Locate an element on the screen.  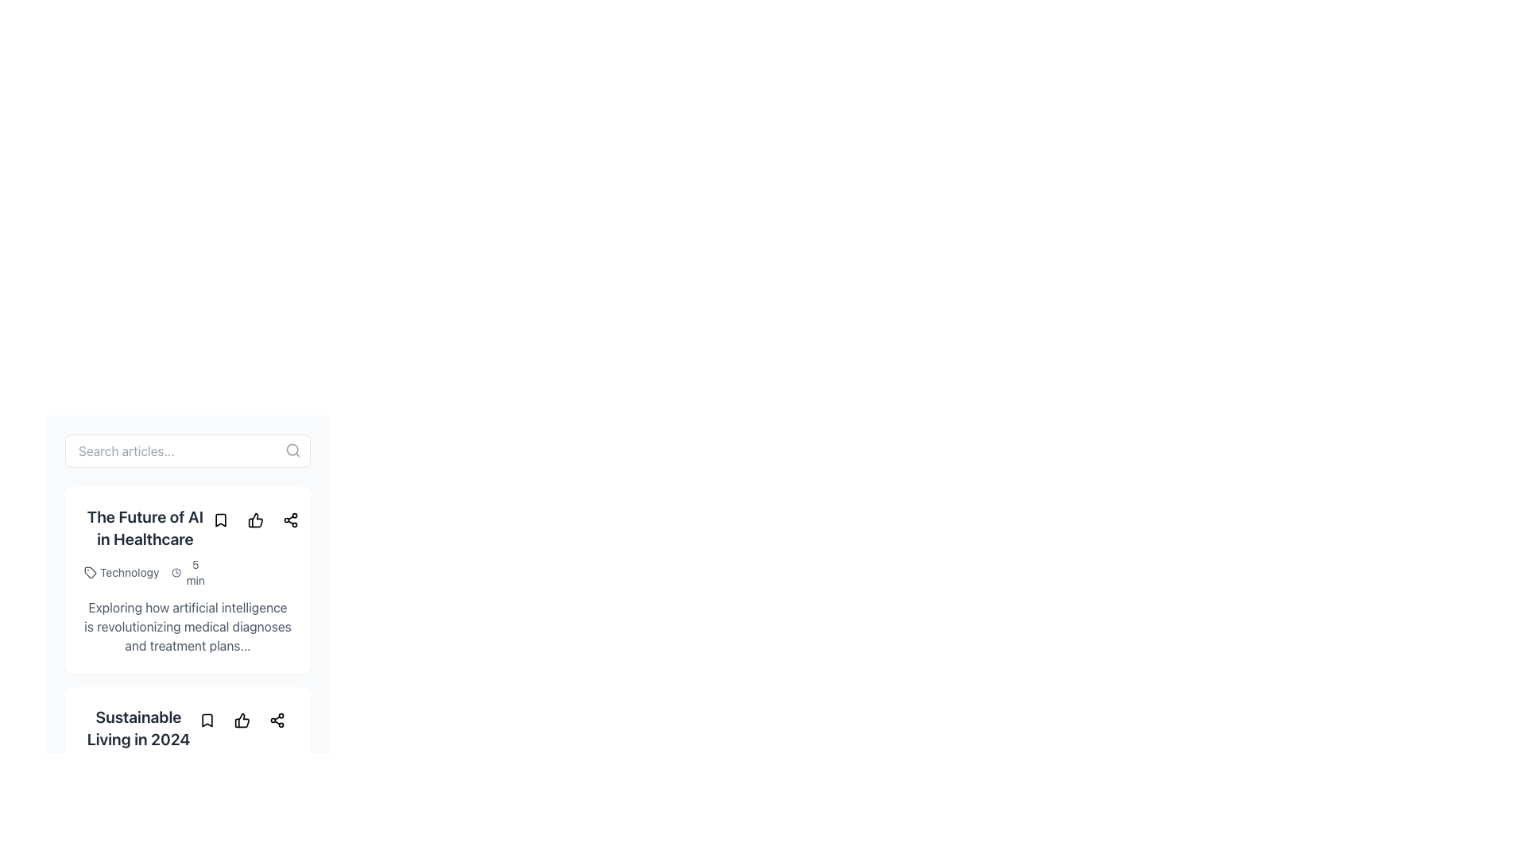
the thumbs-up icon with a black outline located within the circular button on the rightmost section of the content card to like the content titled 'Sustainable Living in 2024' is located at coordinates (242, 720).